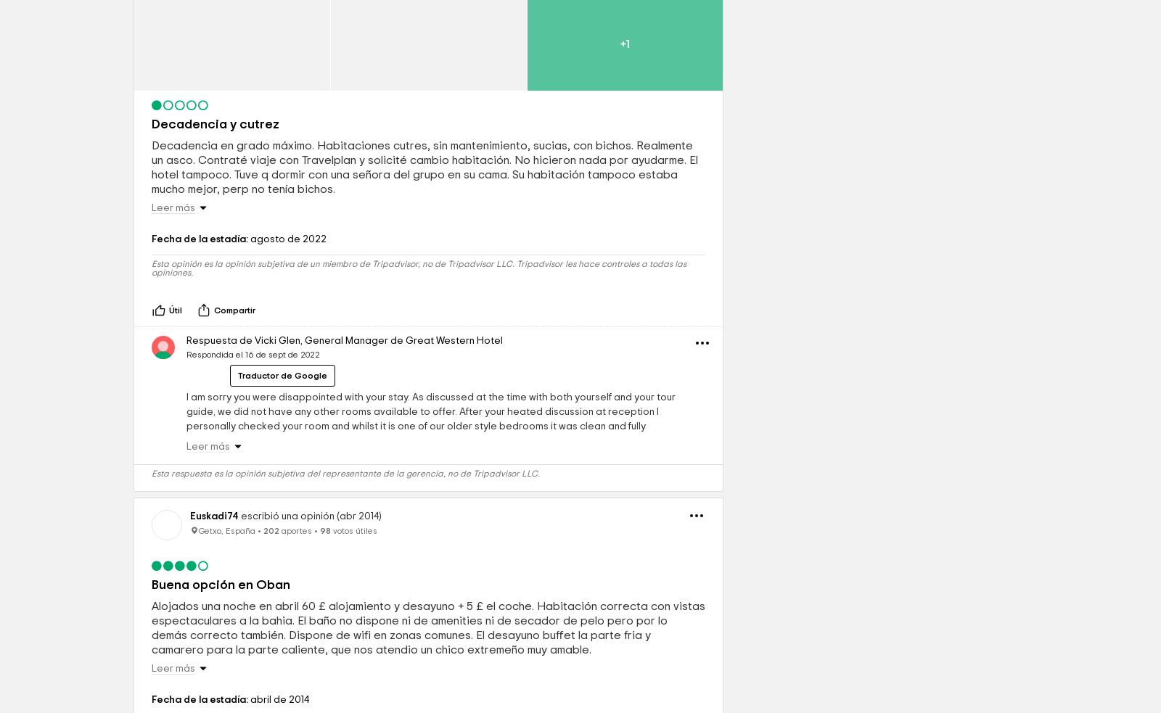 The image size is (1161, 713). I want to click on 'agosto de 2022', so click(287, 339).